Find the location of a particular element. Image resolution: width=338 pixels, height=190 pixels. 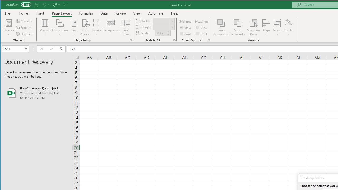

'Width' is located at coordinates (163, 21).